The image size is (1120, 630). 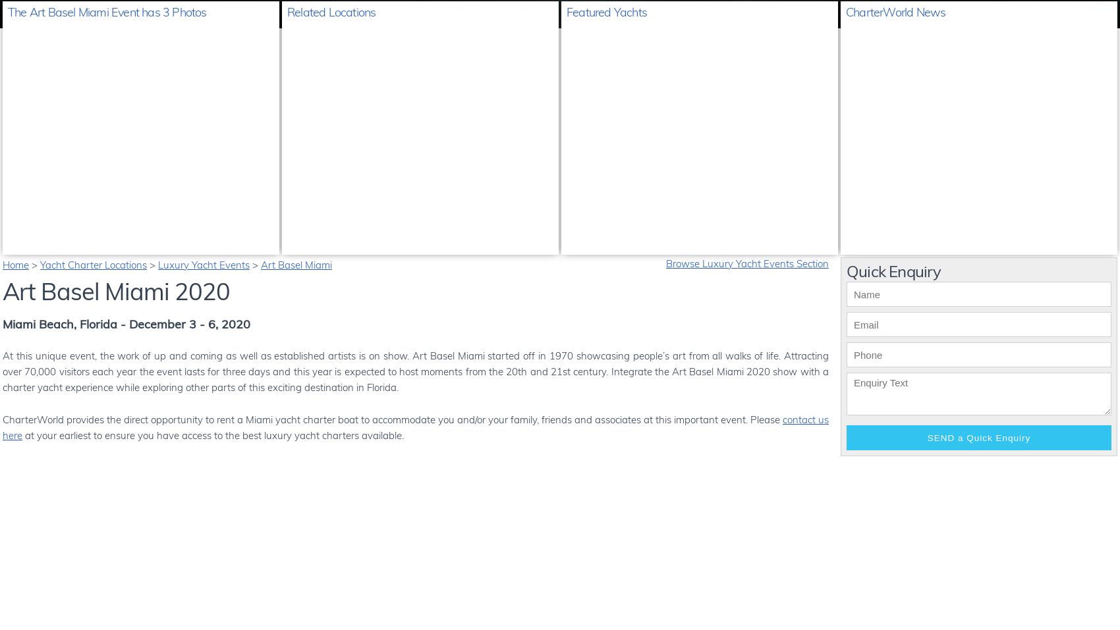 What do you see at coordinates (895, 11) in the screenshot?
I see `'CharterWorld News'` at bounding box center [895, 11].